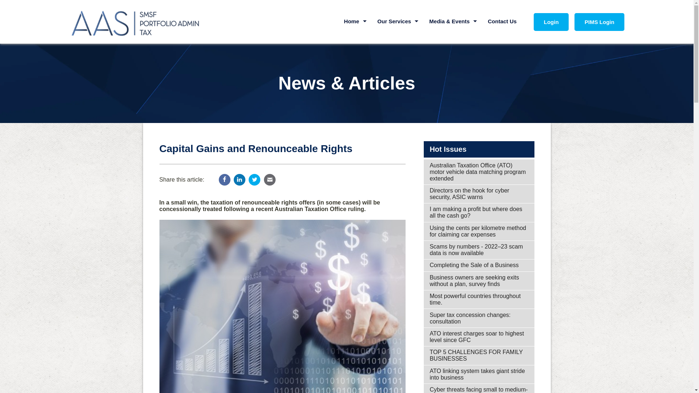 The image size is (699, 393). I want to click on 'Contact Us', so click(502, 21).